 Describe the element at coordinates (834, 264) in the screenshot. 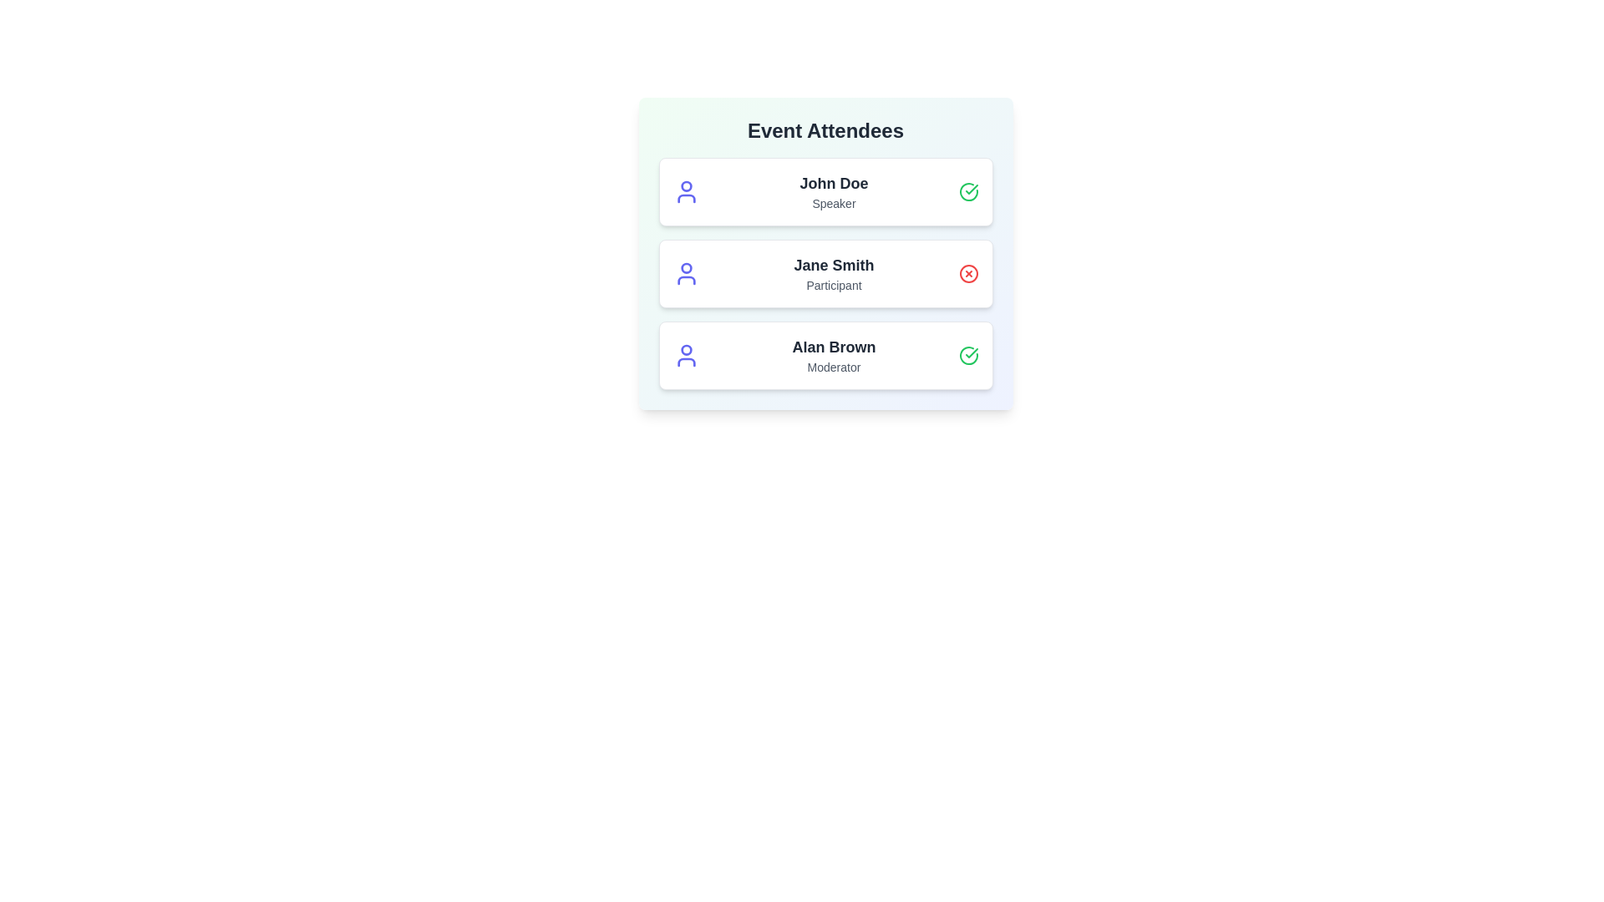

I see `the name of an attendee to view their details. The attendee can be selected using the parameter Jane Smith` at that location.